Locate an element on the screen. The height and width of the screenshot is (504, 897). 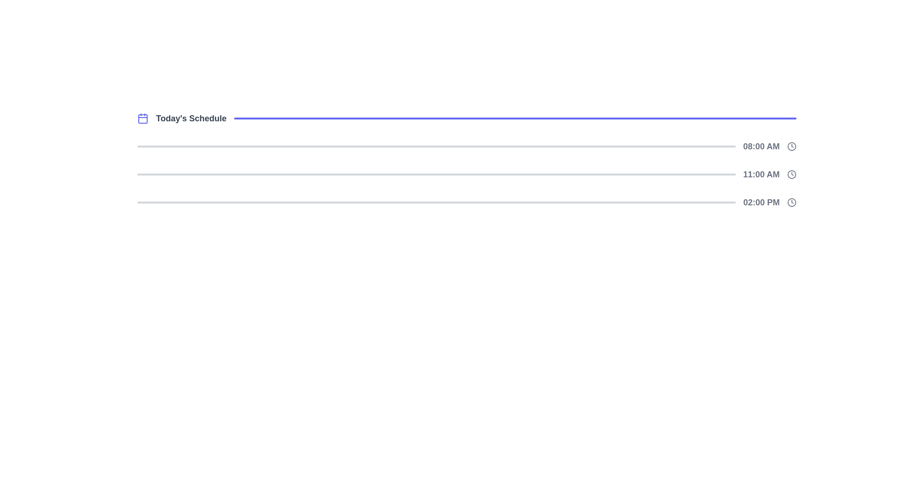
the circular graphic element of the clock icon, which has a thin black border and is positioned to the right of the '11:00 AM' text in the schedule interface is located at coordinates (791, 175).